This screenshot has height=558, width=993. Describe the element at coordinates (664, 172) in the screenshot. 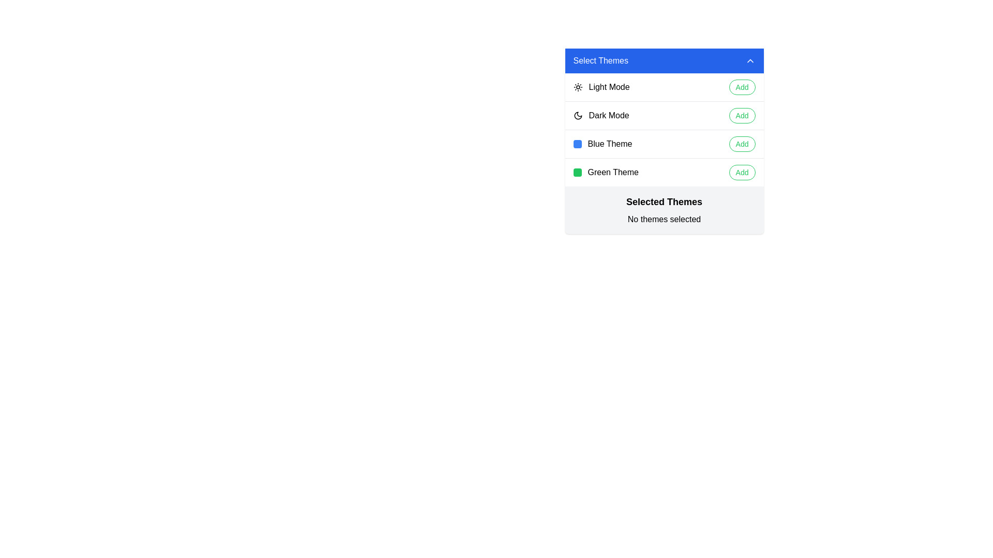

I see `the 'Add' button associated with the fourth selectable theme option labeled 'Green Theme'` at that location.